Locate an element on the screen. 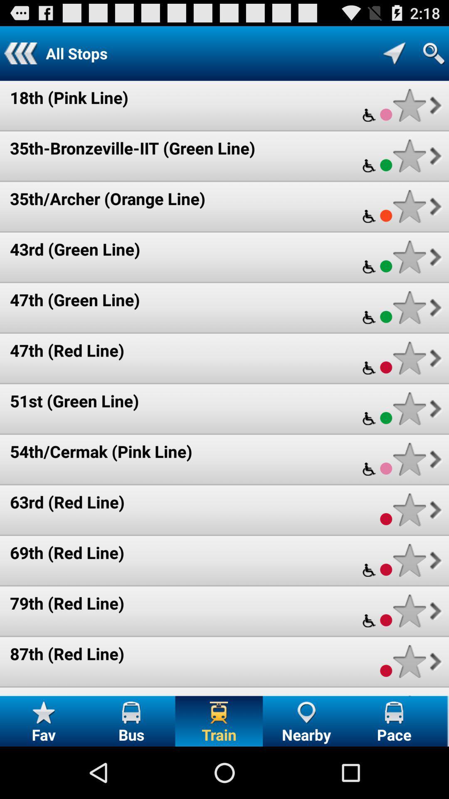 The width and height of the screenshot is (449, 799). open search bar is located at coordinates (433, 53).